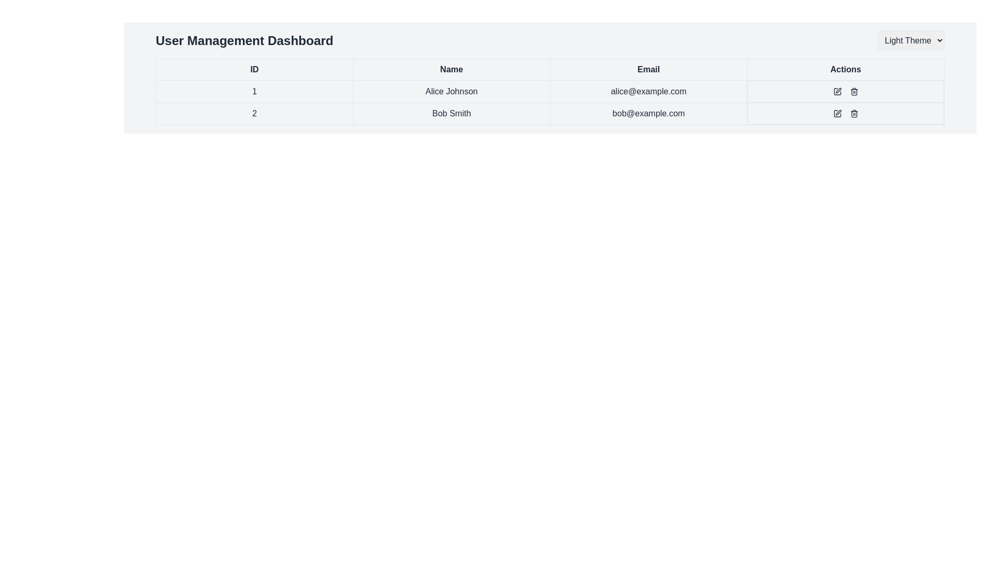  I want to click on the edit icon in the 'Actions' column of the user row for 'Bob Smith', so click(838, 113).